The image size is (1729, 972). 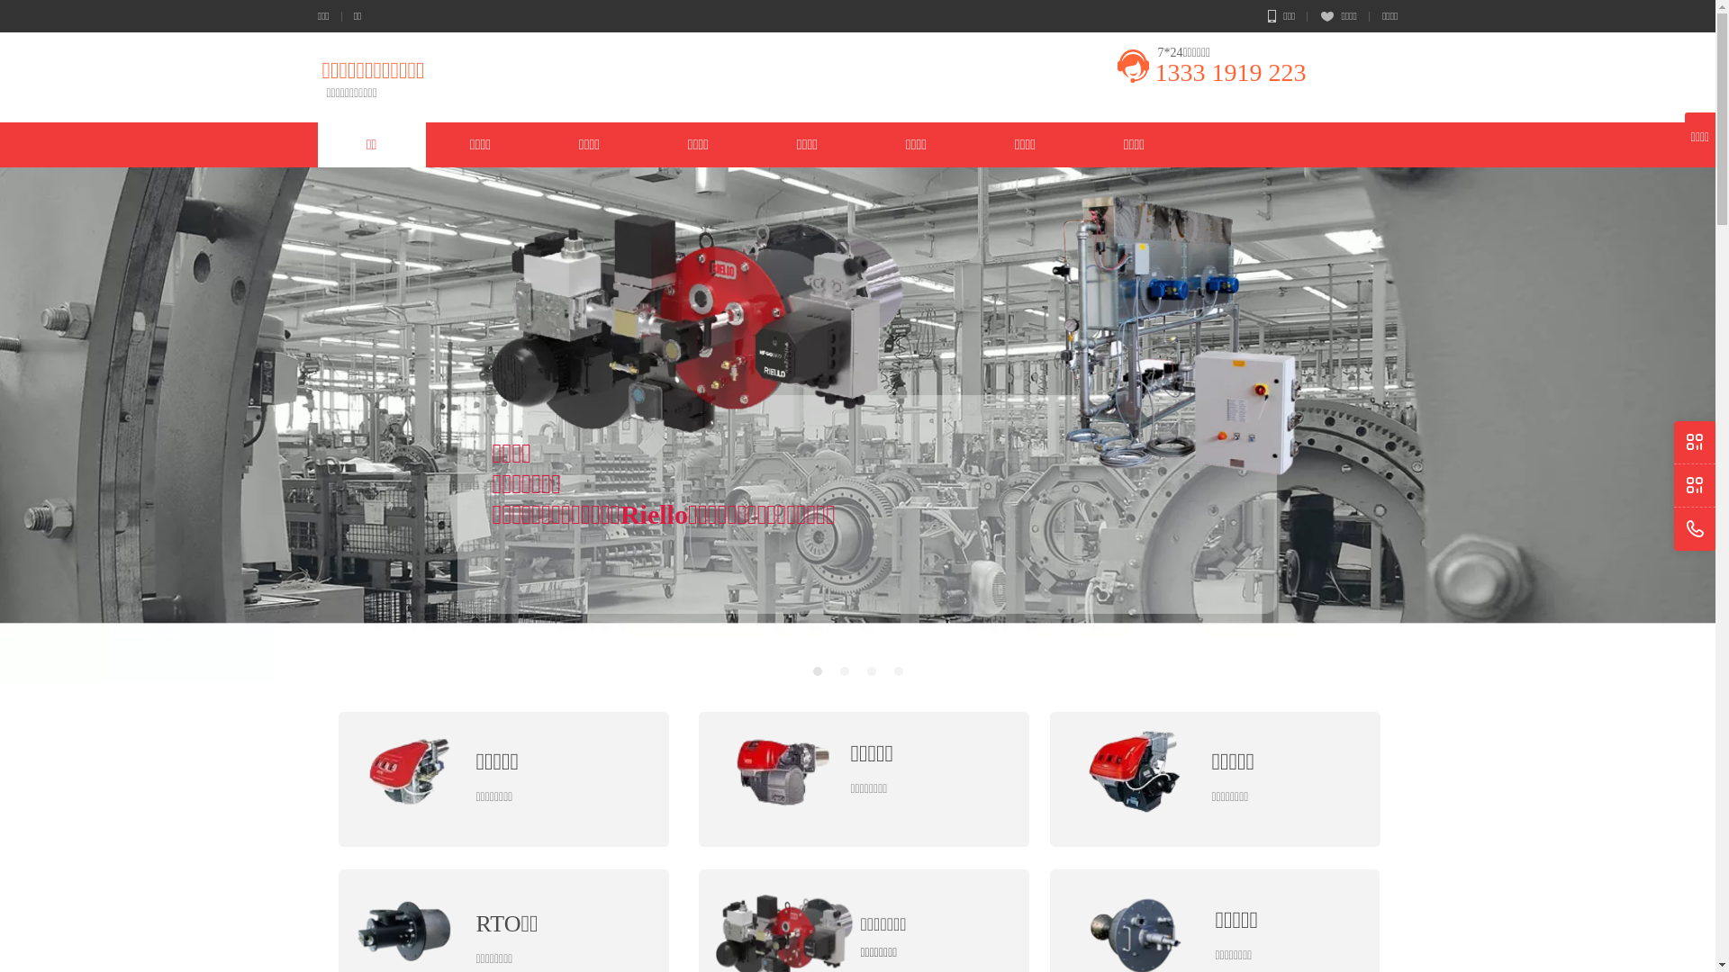 I want to click on '1333 1919 223', so click(x=1229, y=71).